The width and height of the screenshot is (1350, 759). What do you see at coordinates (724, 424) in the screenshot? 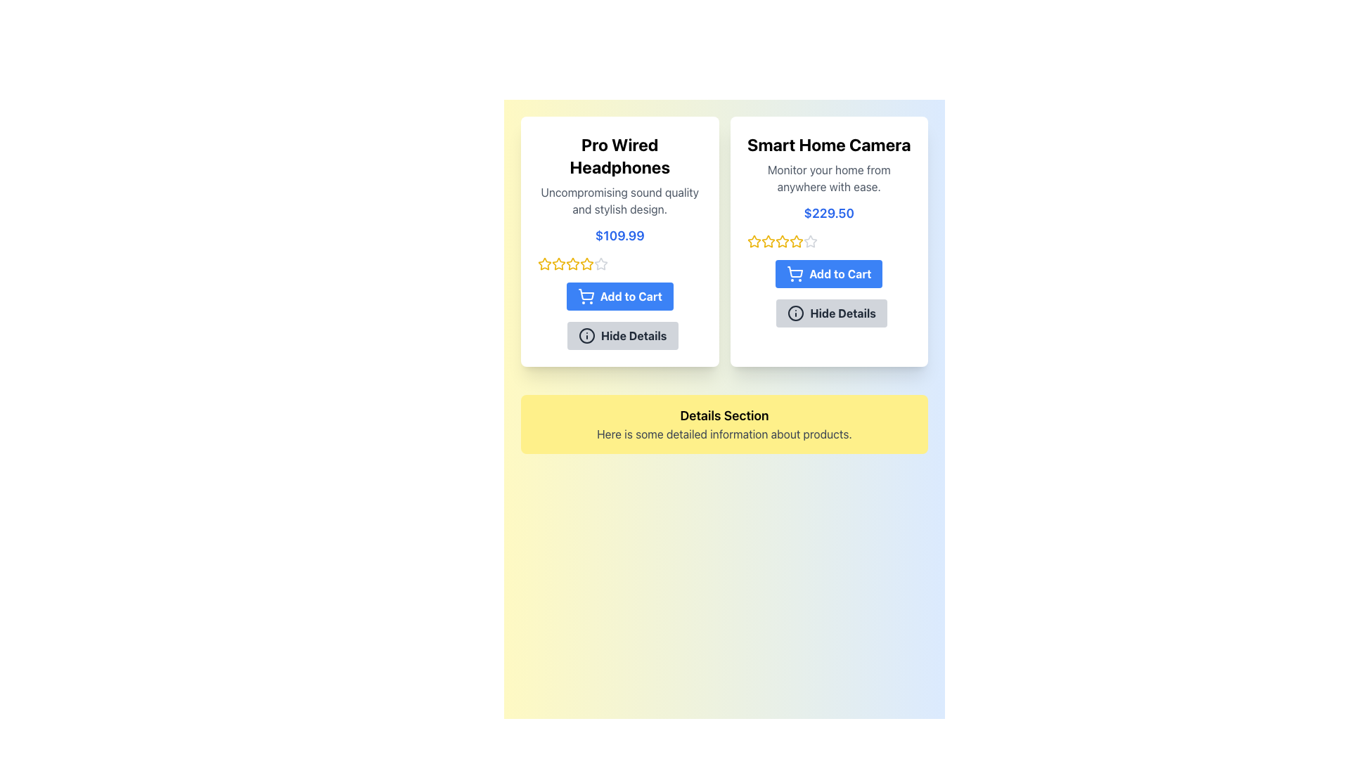
I see `the informational section located below the 'Pro Wired Headphones' and 'Smart Home Camera' card-like elements, which spans horizontally across the interface and is centered at the bottom of the section` at bounding box center [724, 424].